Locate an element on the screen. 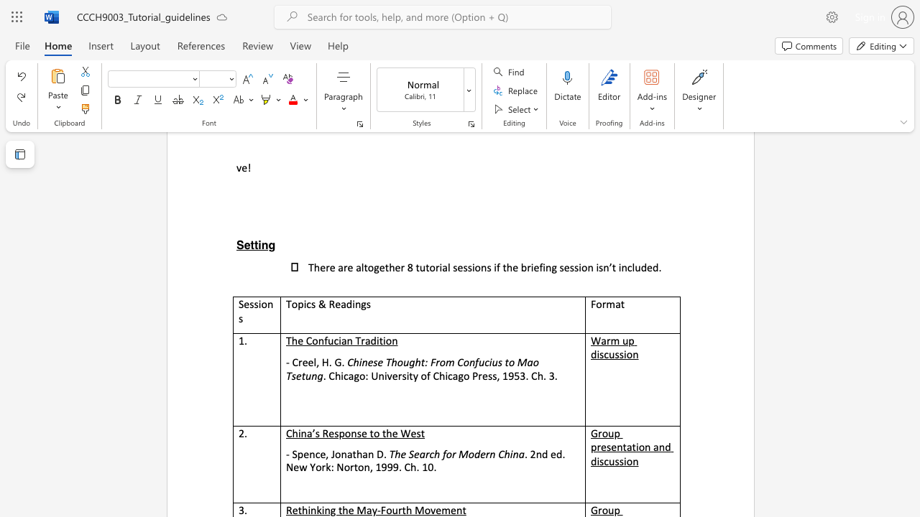 The width and height of the screenshot is (920, 517). the subset text "s Respo" within the text "China’s Response to the West" is located at coordinates (314, 432).